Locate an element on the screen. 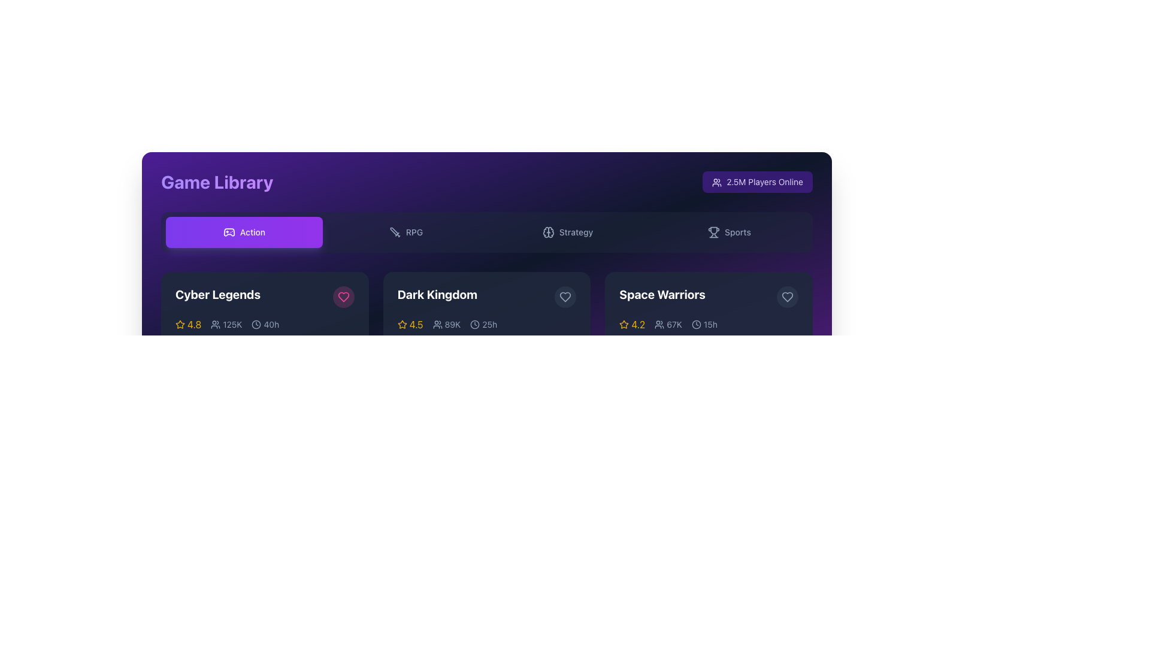 The image size is (1150, 647). the heart icon at the top-right corner of the 'Space Warriors' item card to favorite or unfavorite the item is located at coordinates (788, 297).